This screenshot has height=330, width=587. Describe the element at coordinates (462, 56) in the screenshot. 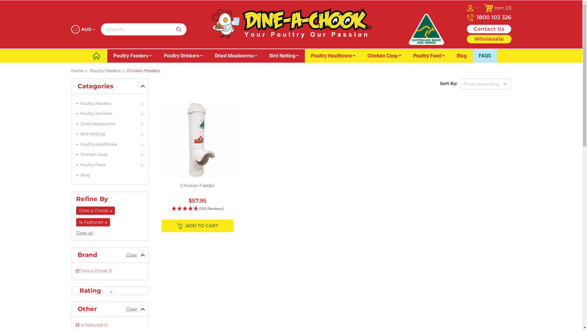

I see `'Blog'` at that location.